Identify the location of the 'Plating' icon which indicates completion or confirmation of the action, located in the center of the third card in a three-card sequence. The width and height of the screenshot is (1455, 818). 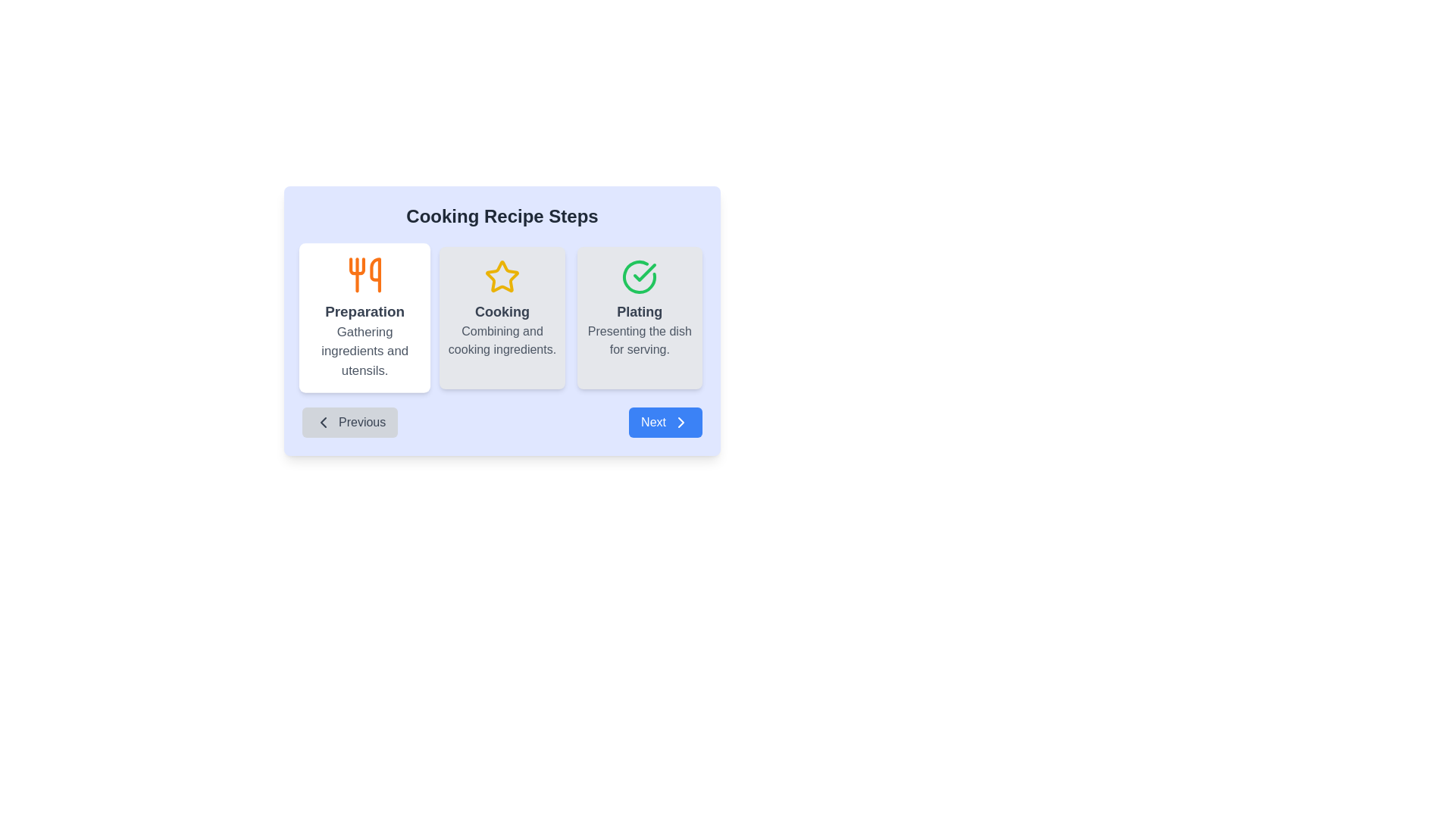
(640, 277).